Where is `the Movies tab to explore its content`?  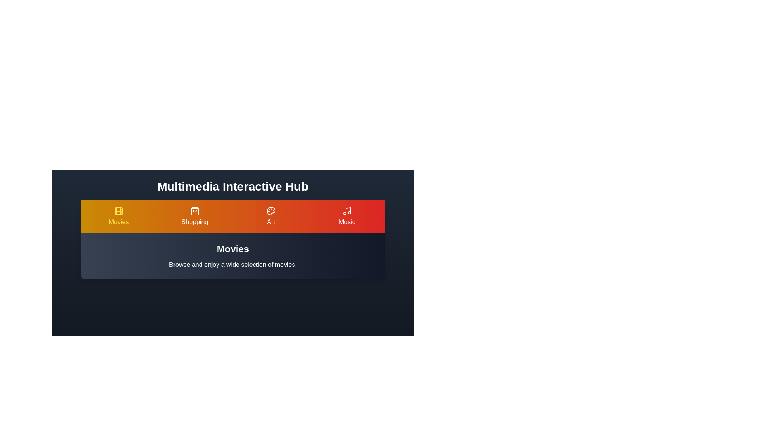
the Movies tab to explore its content is located at coordinates (118, 216).